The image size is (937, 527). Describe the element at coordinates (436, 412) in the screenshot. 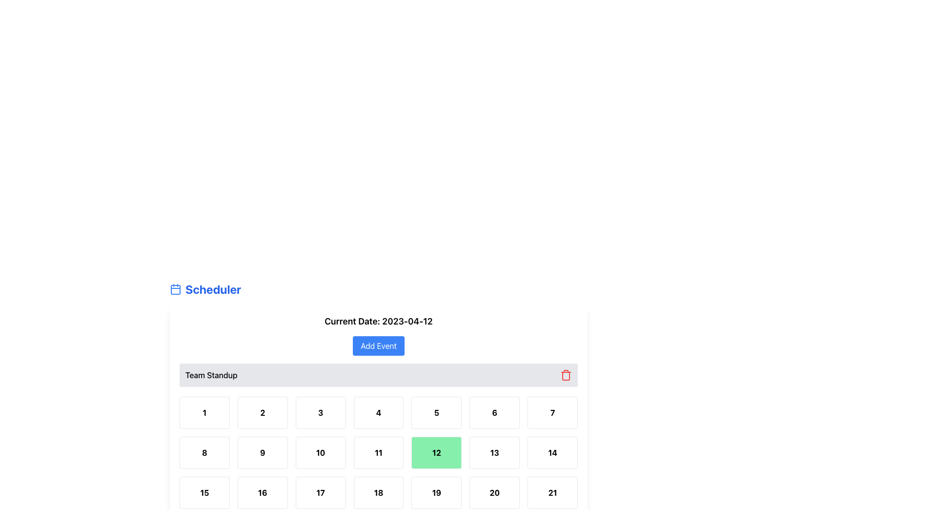

I see `the calendar day button in the fifth column of the first row within the 'Team Standup' scheduling interface` at that location.